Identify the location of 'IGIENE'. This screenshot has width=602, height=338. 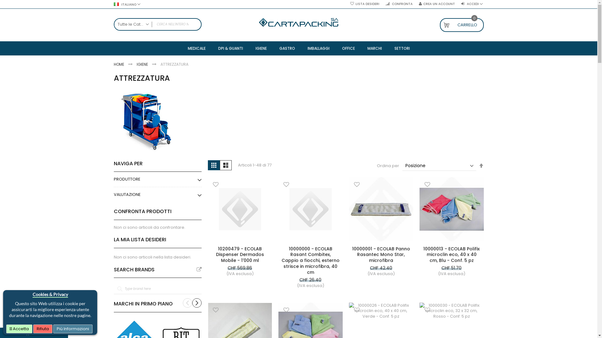
(261, 48).